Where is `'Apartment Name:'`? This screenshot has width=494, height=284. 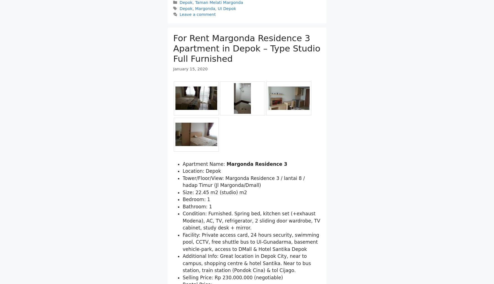 'Apartment Name:' is located at coordinates (204, 192).